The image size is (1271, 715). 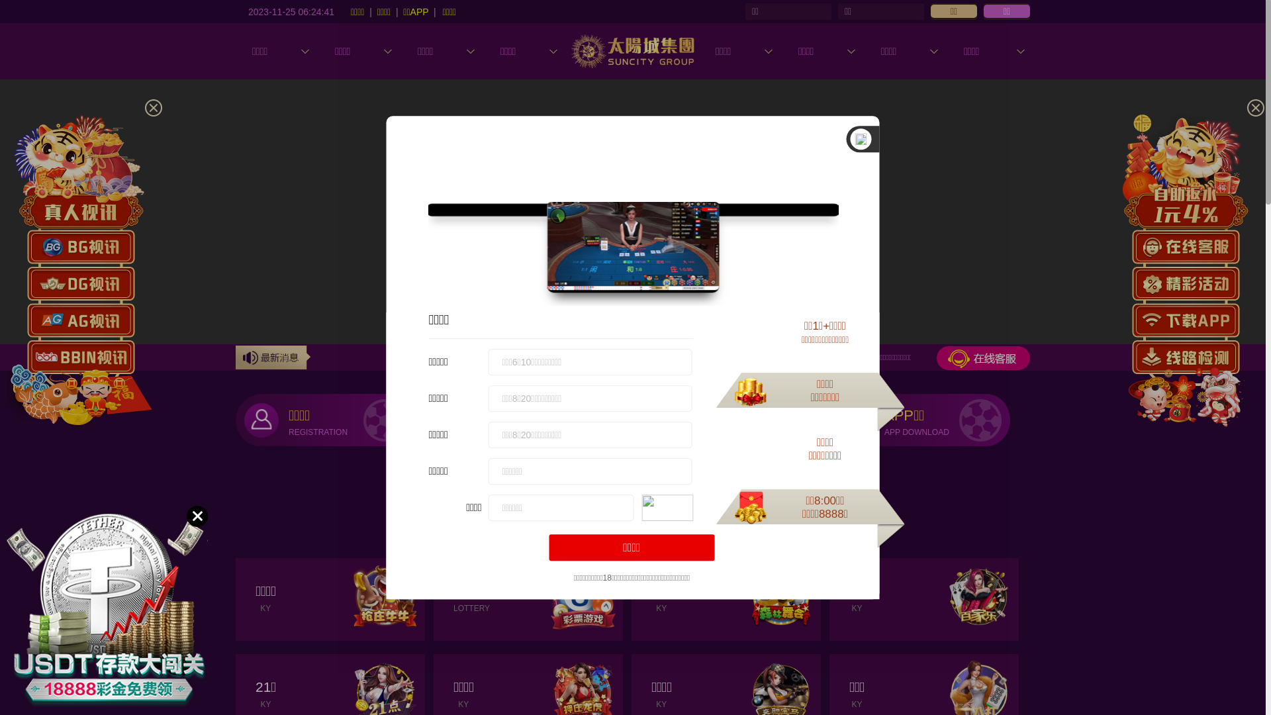 I want to click on '2023-11-25 06:24:39', so click(x=291, y=11).